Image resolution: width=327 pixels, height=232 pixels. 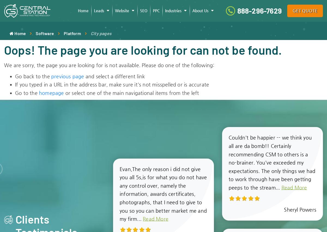 What do you see at coordinates (199, 36) in the screenshot?
I see `'Platform  Features'` at bounding box center [199, 36].